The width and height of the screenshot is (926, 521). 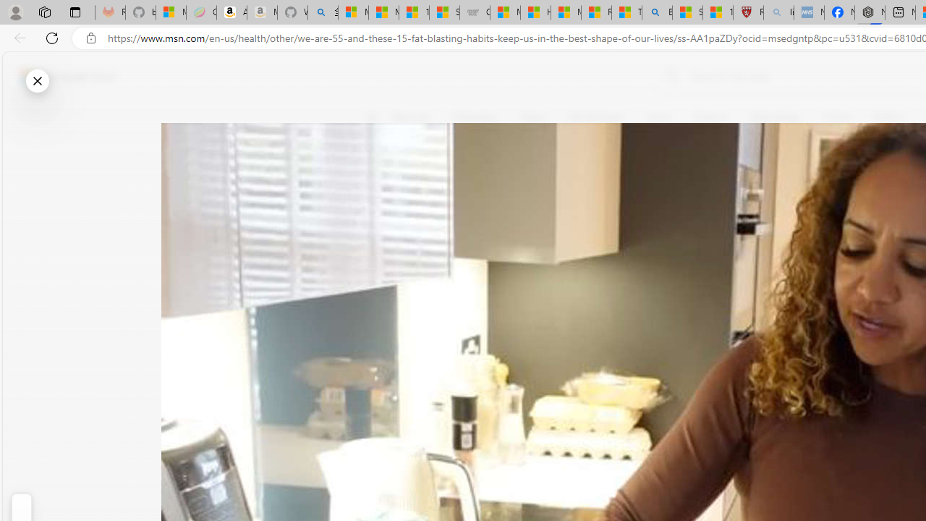 What do you see at coordinates (67, 76) in the screenshot?
I see `'Microsoft Start'` at bounding box center [67, 76].